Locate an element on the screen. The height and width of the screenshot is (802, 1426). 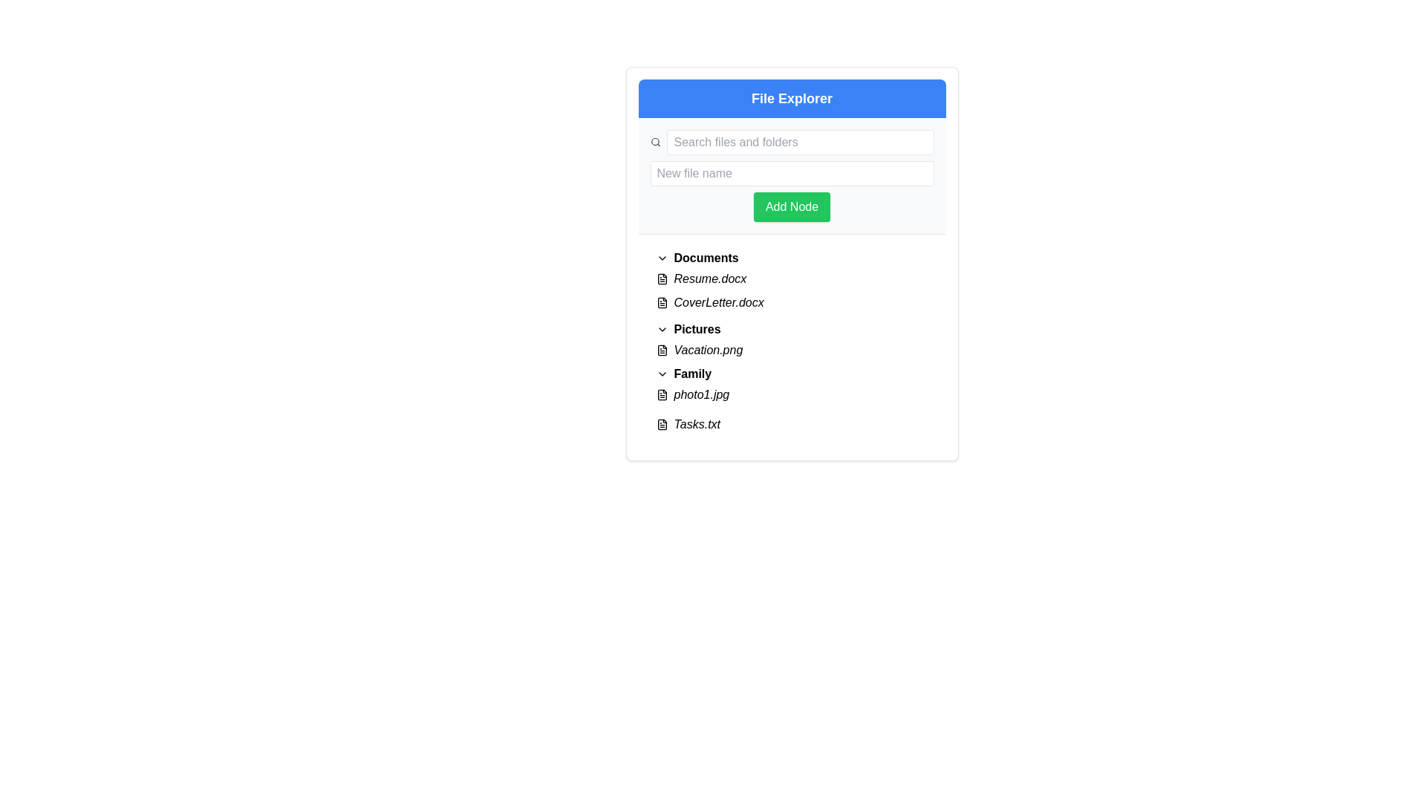
to select the file 'photo1.jpg' located as the second item in the 'Family' folder within the file explorer is located at coordinates (791, 394).